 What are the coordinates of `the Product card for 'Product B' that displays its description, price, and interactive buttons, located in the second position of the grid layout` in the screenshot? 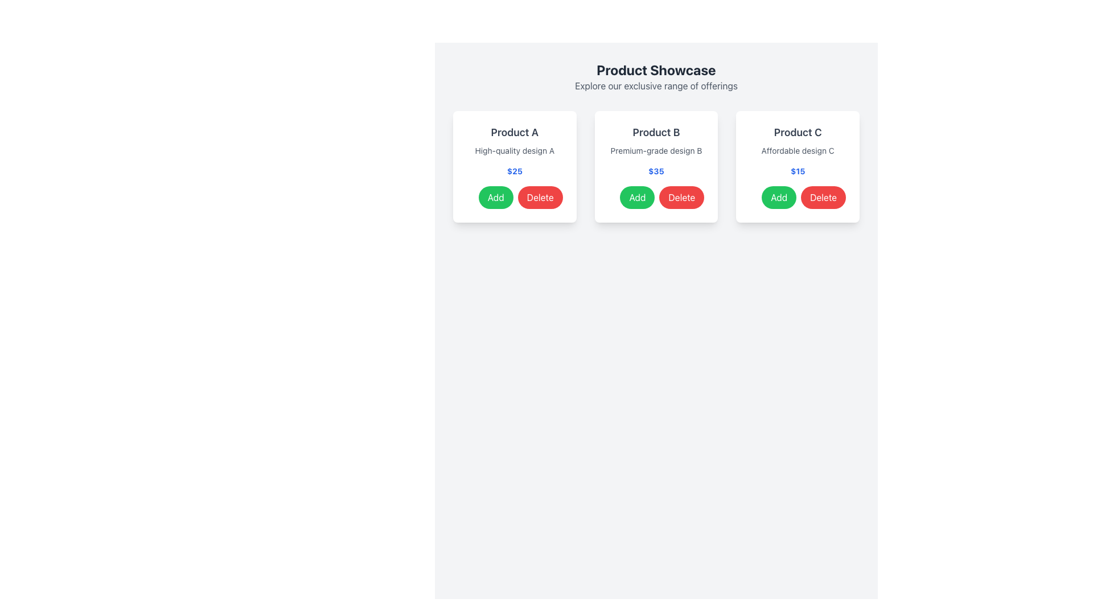 It's located at (656, 167).